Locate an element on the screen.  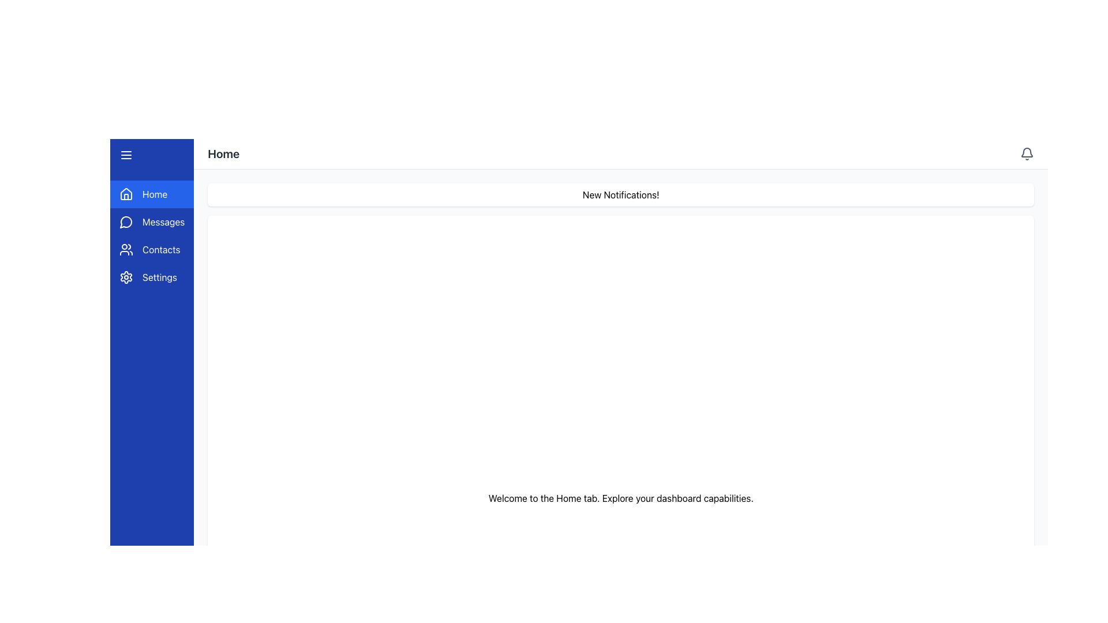
the 'Messages' button in the sidebar which features a speech bubble icon and a blue background is located at coordinates (151, 222).